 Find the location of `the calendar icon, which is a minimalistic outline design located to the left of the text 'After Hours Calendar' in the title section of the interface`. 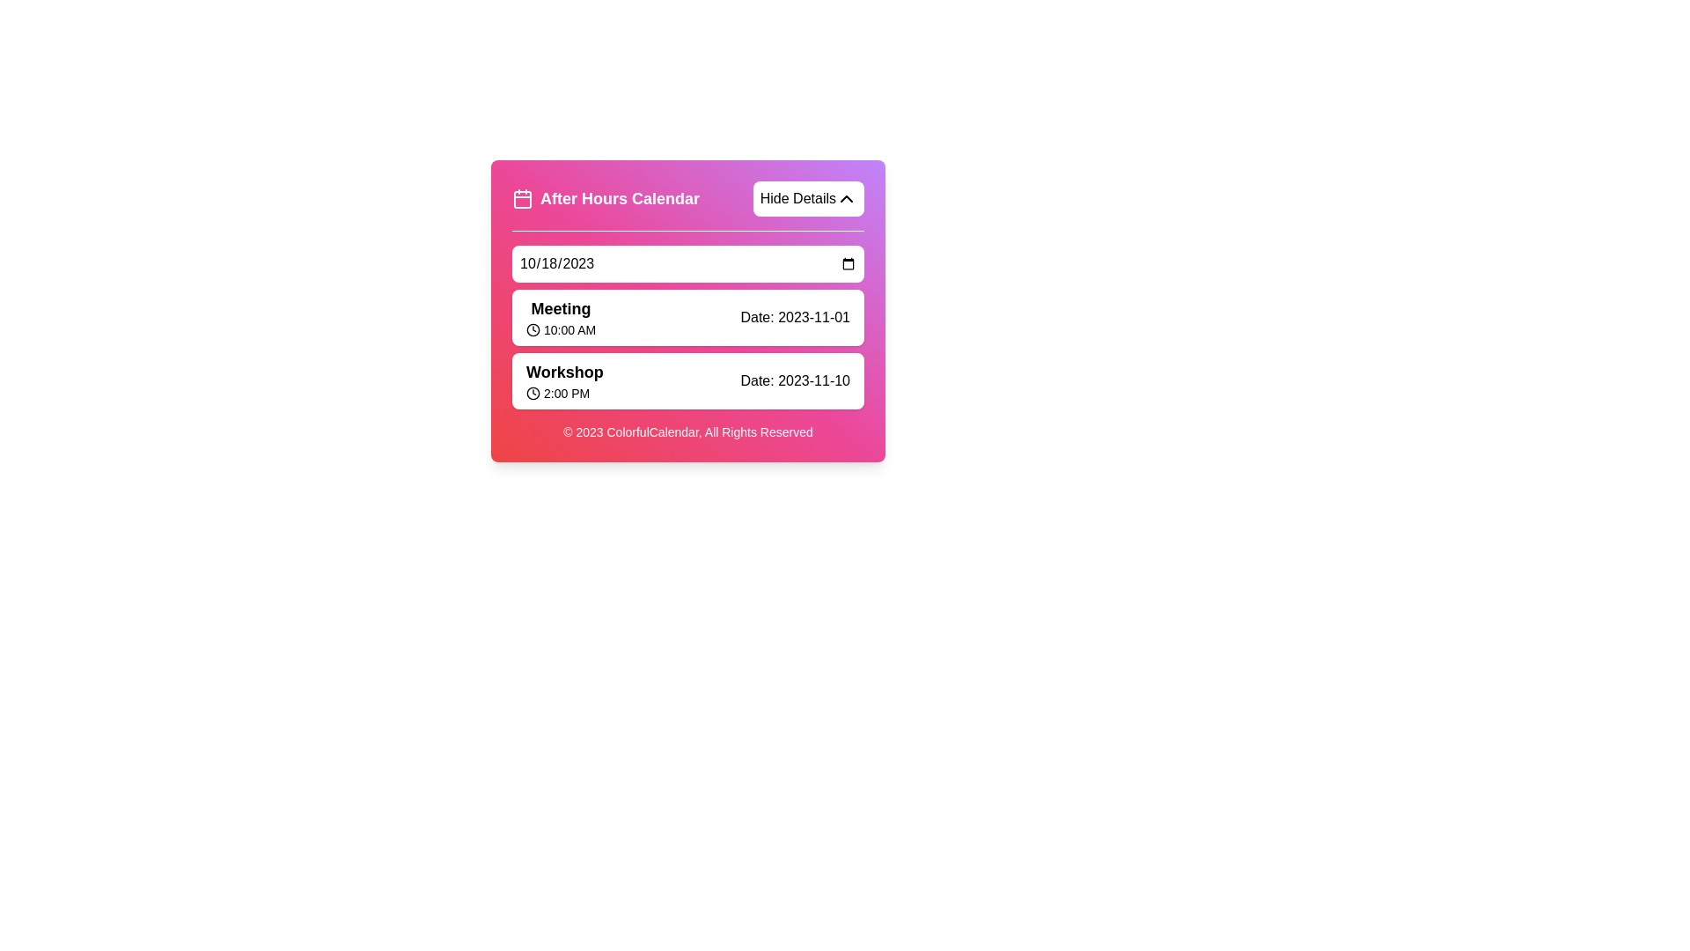

the calendar icon, which is a minimalistic outline design located to the left of the text 'After Hours Calendar' in the title section of the interface is located at coordinates (522, 198).